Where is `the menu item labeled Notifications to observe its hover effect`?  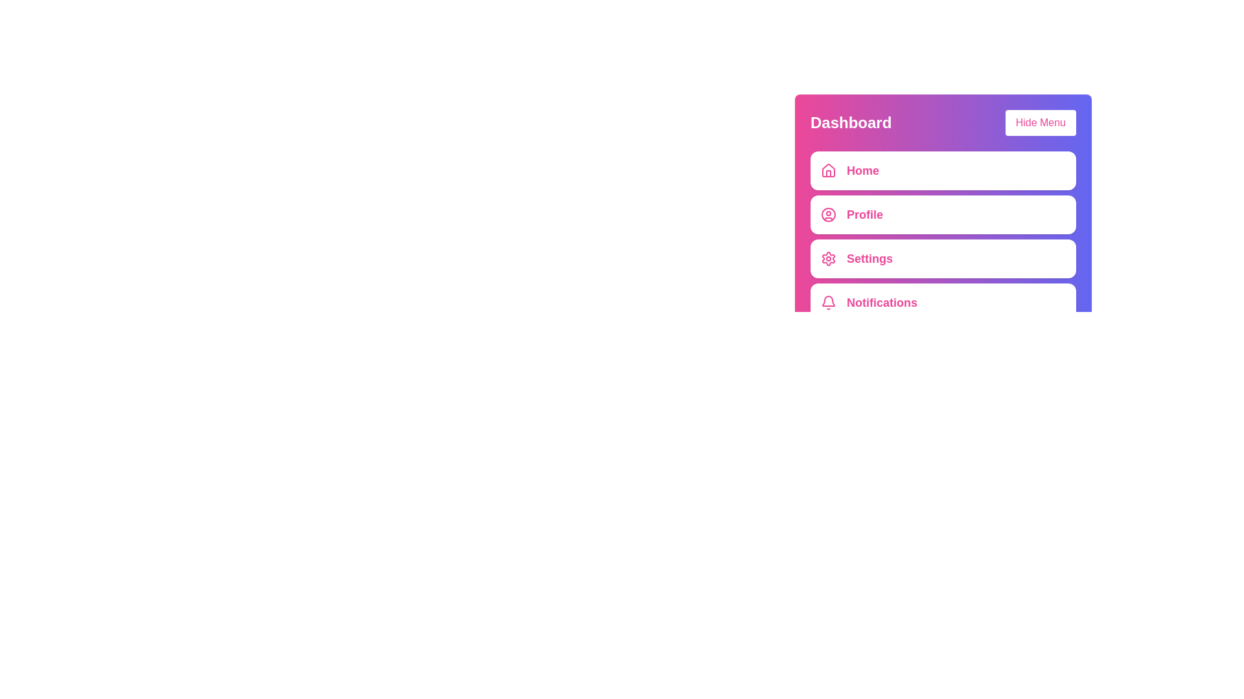 the menu item labeled Notifications to observe its hover effect is located at coordinates (943, 302).